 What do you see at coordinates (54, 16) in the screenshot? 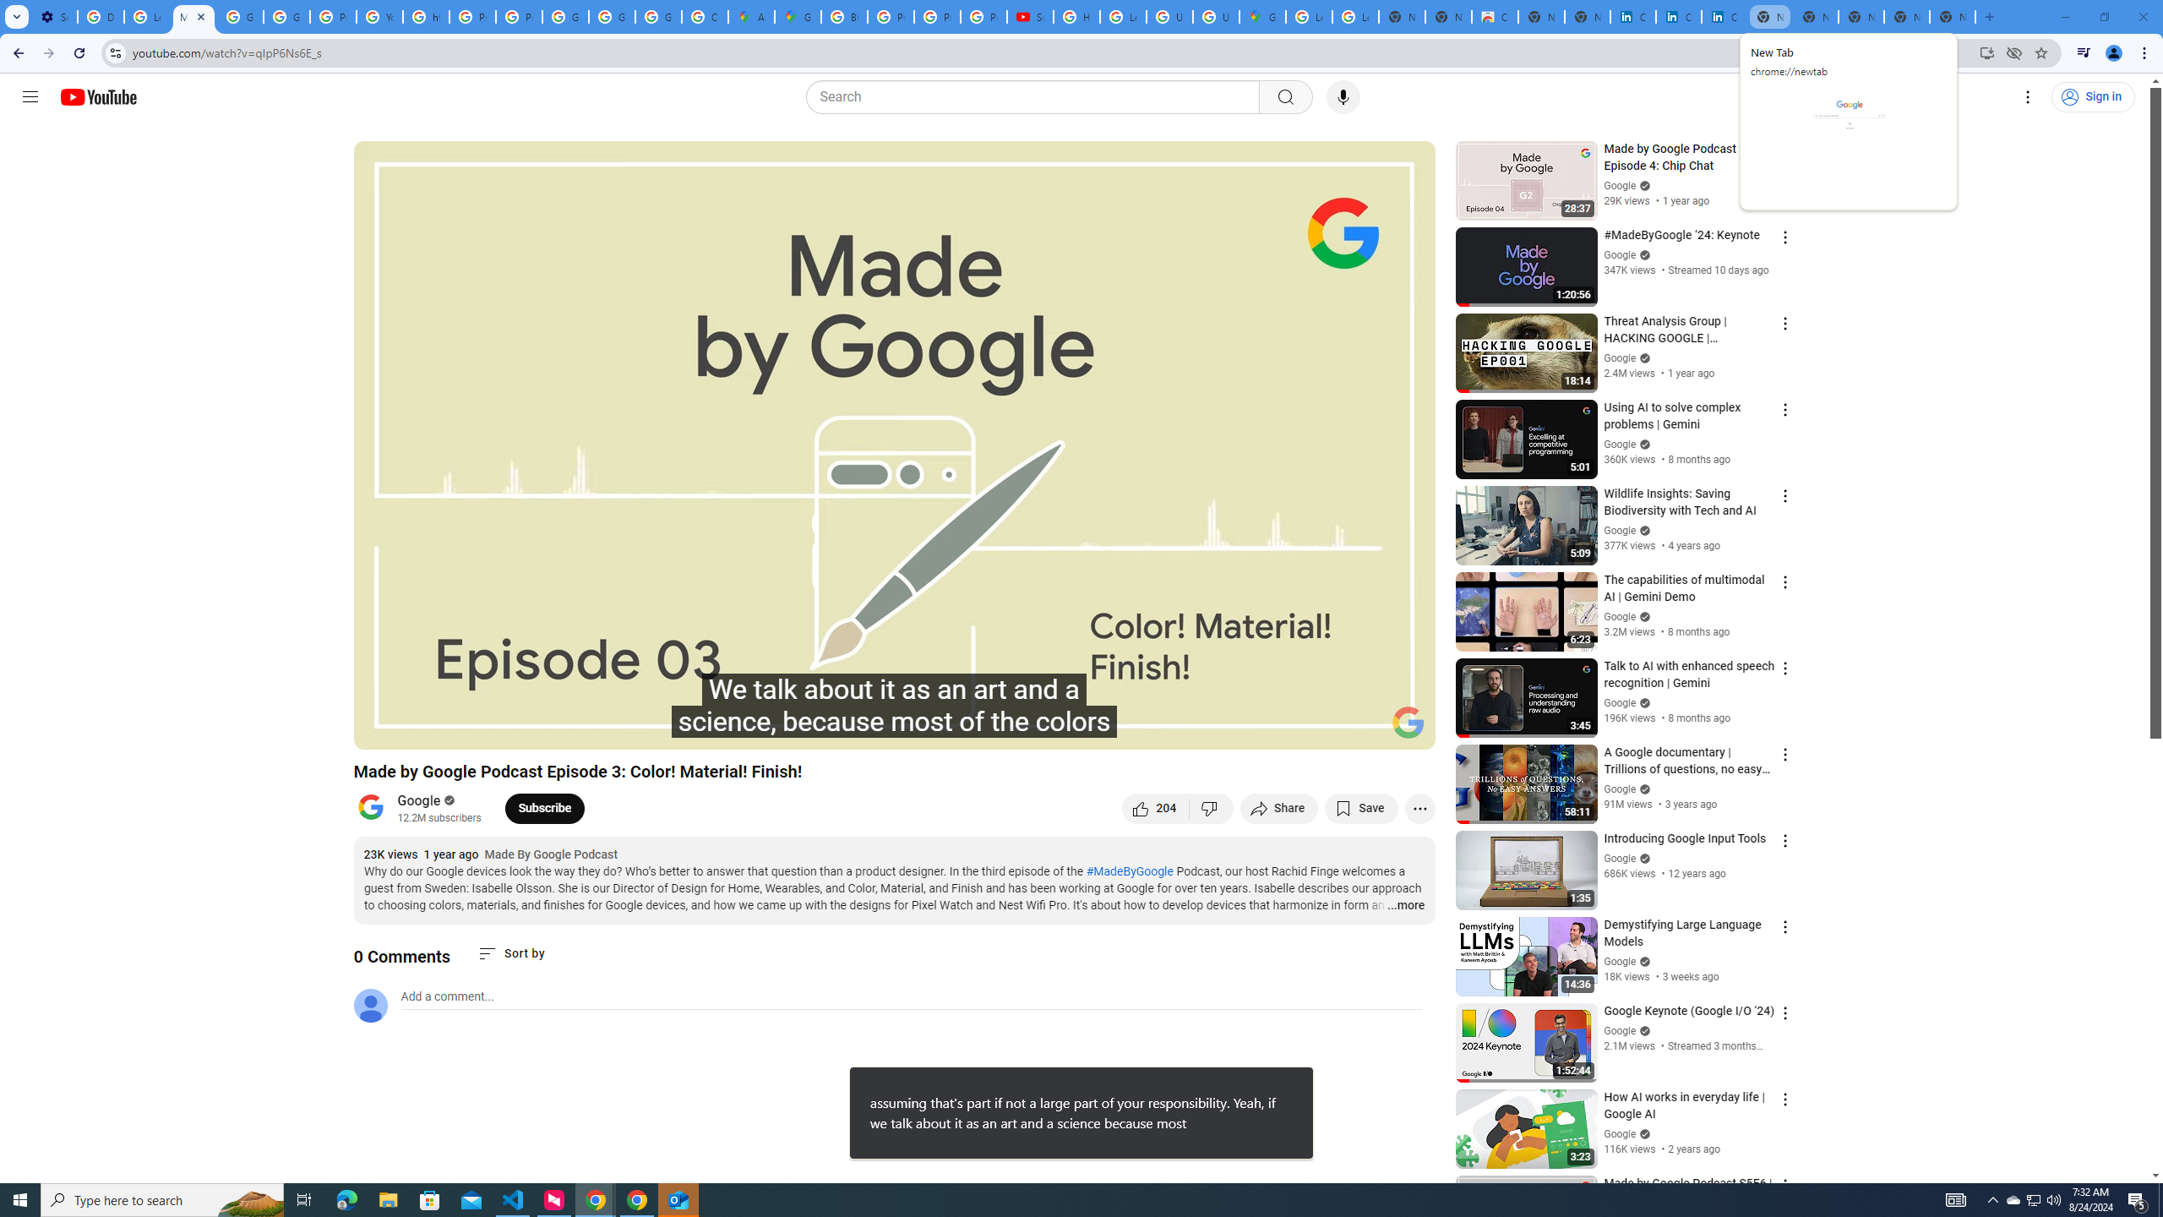
I see `'Settings - Customize profile'` at bounding box center [54, 16].